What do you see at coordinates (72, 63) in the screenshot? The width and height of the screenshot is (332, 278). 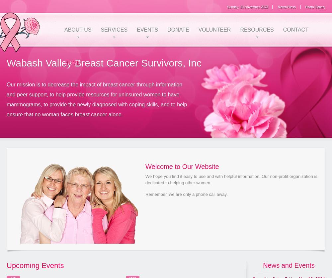 I see `'Home'` at bounding box center [72, 63].